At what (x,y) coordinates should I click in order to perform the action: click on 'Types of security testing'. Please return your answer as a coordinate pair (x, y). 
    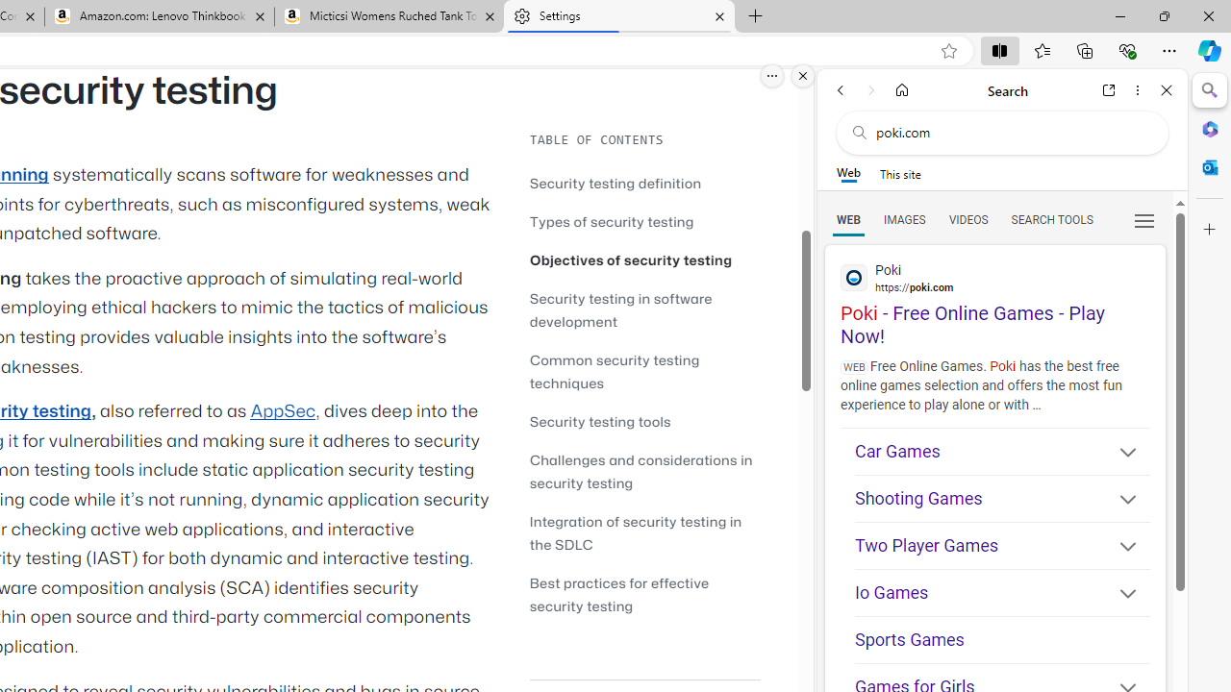
    Looking at the image, I should click on (611, 220).